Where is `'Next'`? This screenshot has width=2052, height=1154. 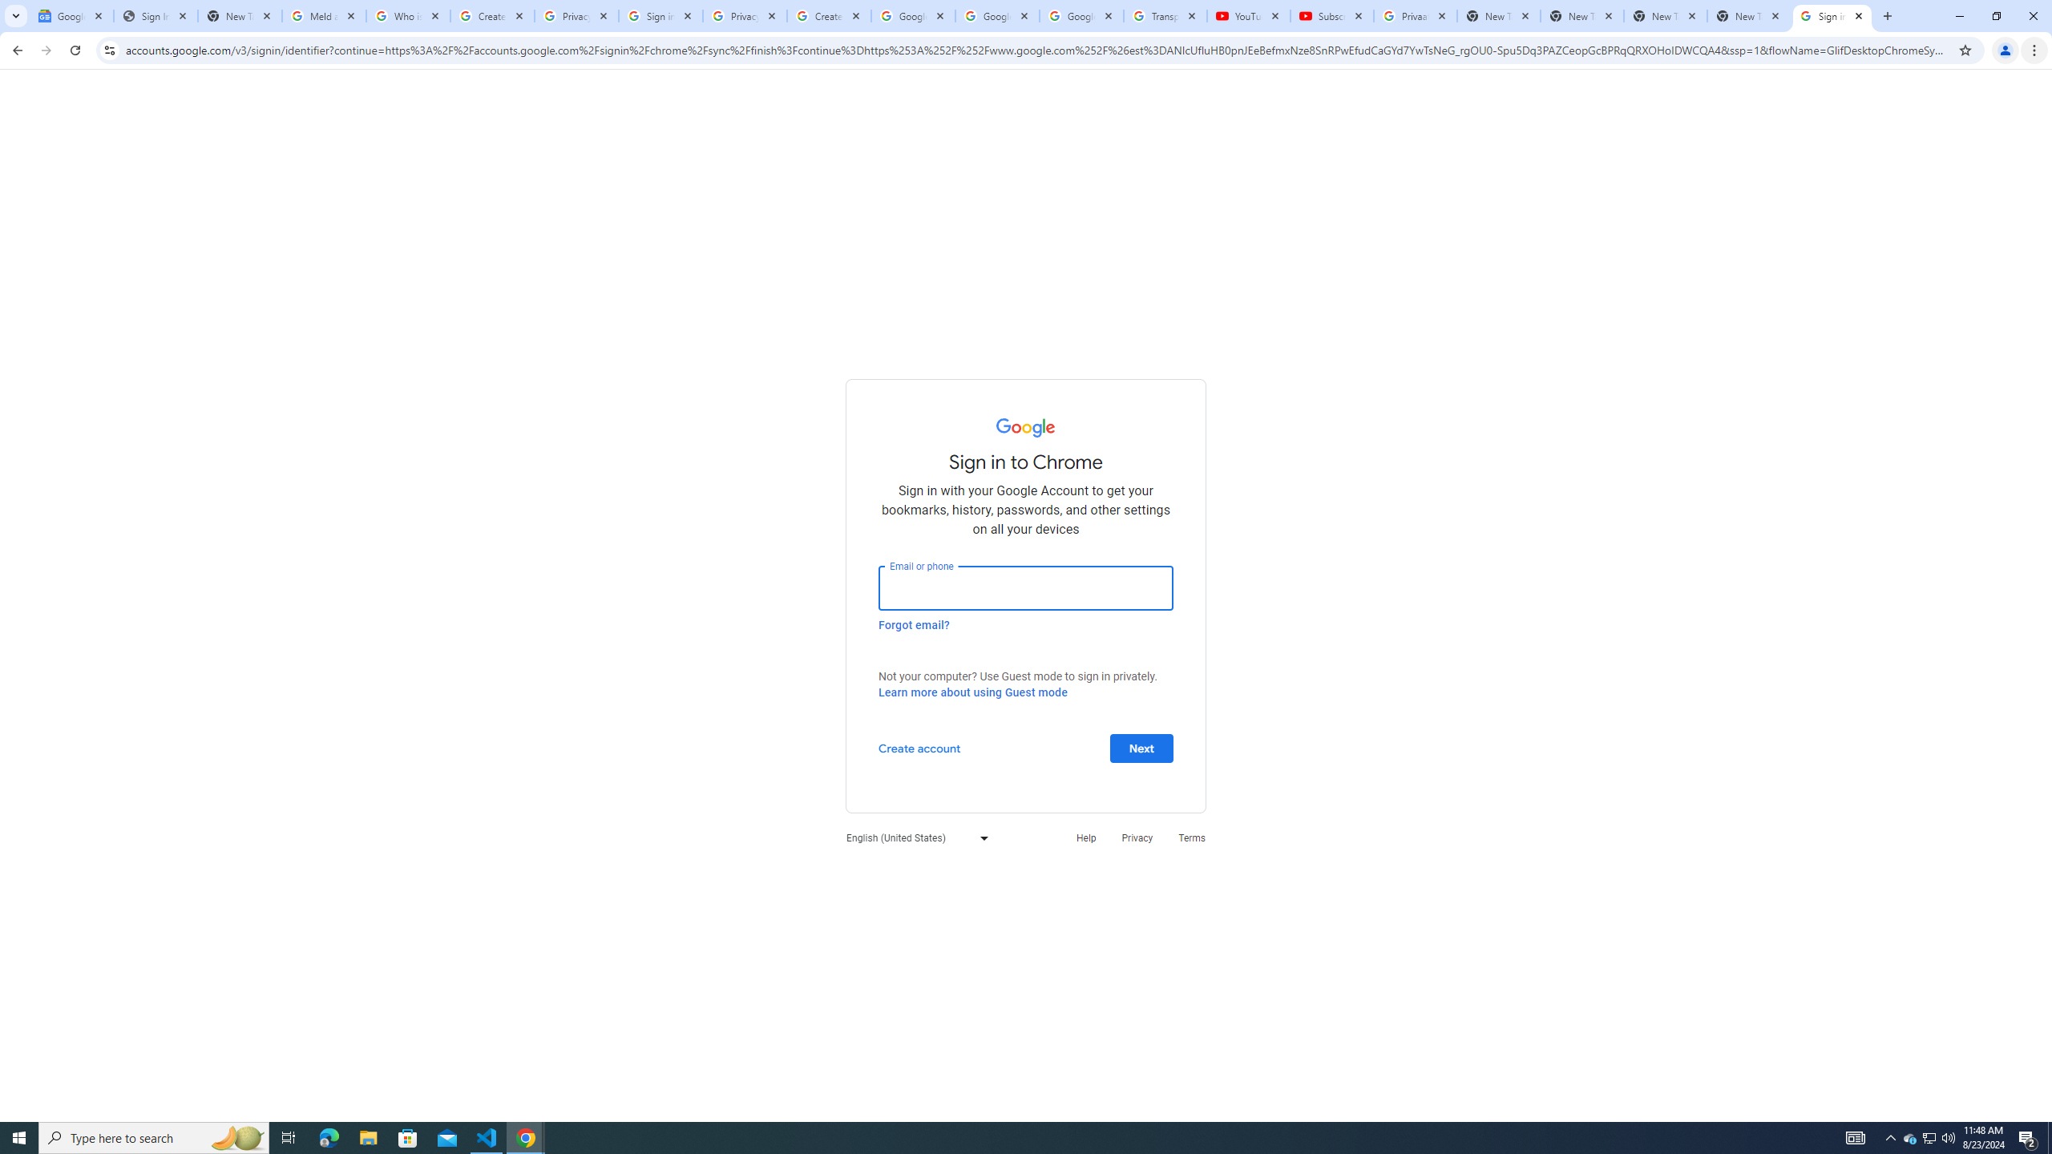
'Next' is located at coordinates (1141, 747).